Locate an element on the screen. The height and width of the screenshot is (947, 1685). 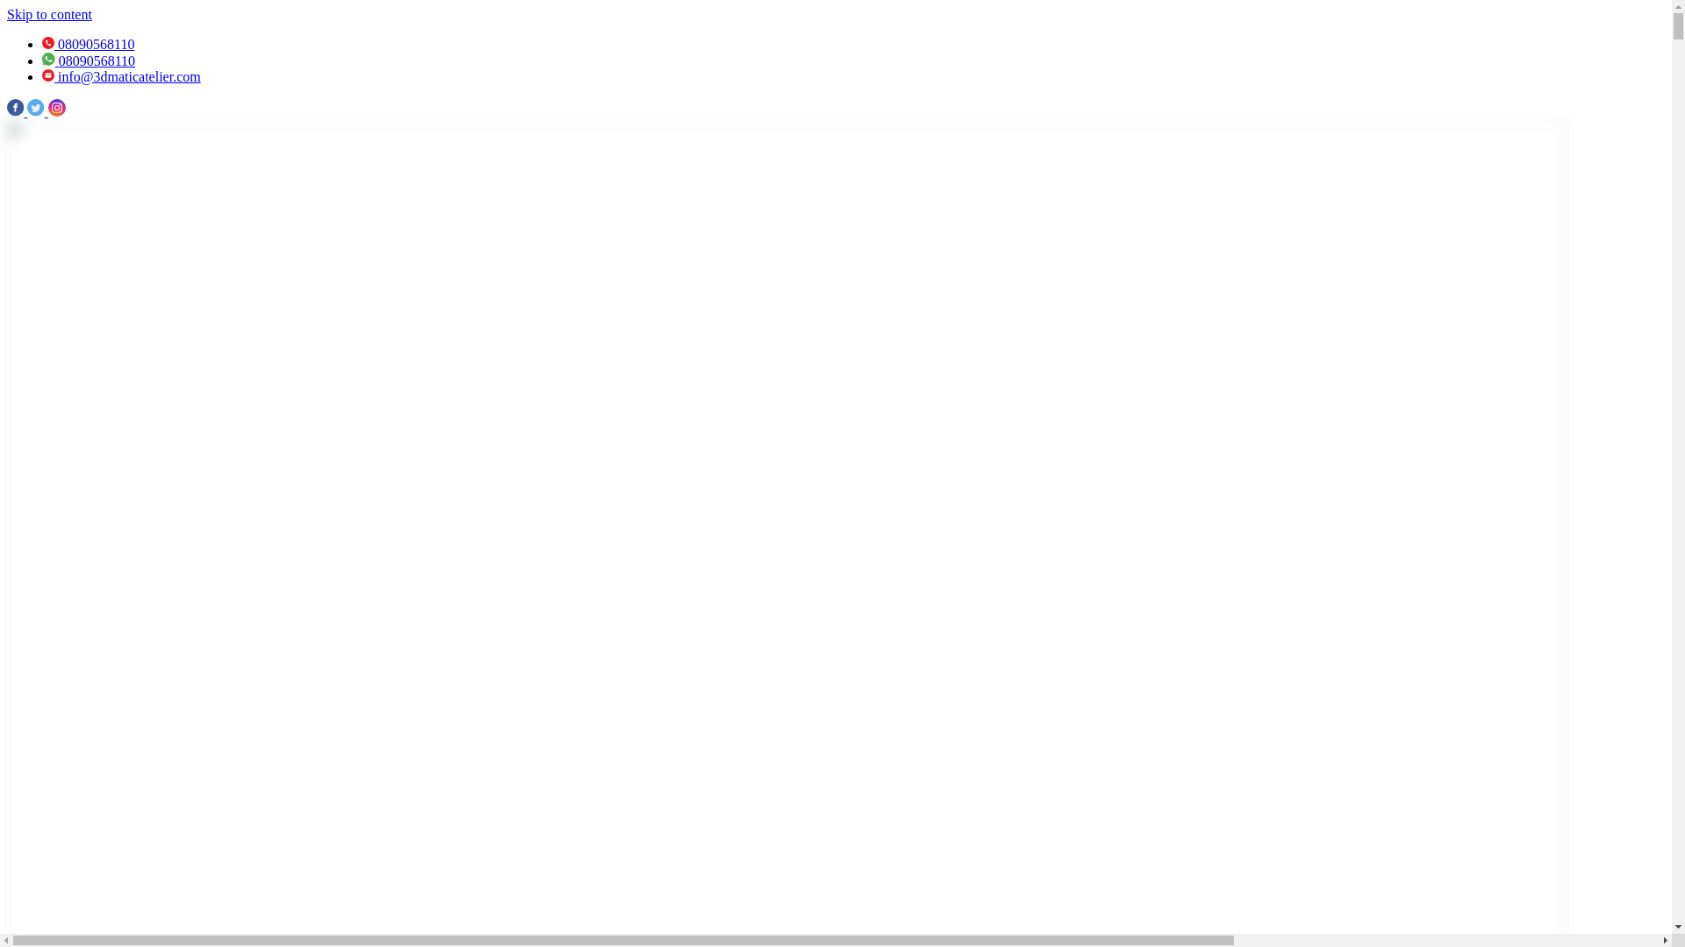
'Skip to content' is located at coordinates (7, 14).